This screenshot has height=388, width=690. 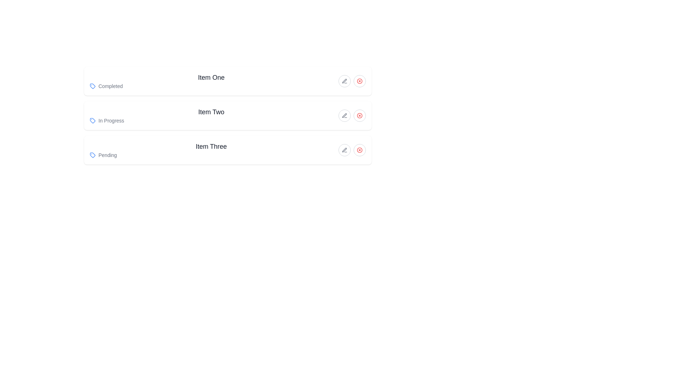 What do you see at coordinates (92, 86) in the screenshot?
I see `the blue tag-style icon located to the left of the text 'Completed' in the top row of the list interface` at bounding box center [92, 86].